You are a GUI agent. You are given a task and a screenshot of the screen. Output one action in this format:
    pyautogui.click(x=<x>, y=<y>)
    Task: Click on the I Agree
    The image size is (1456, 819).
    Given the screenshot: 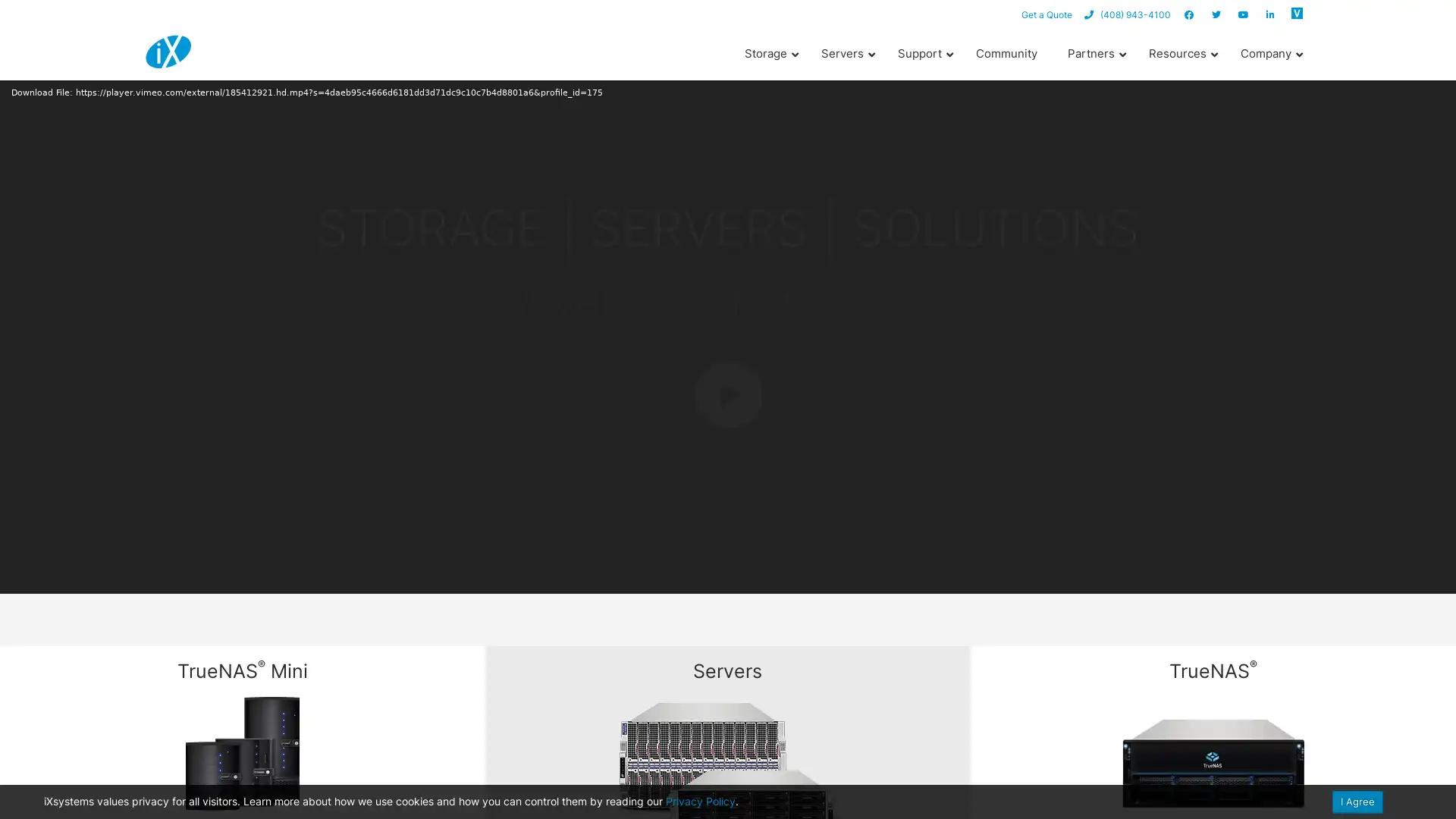 What is the action you would take?
    pyautogui.click(x=1357, y=801)
    